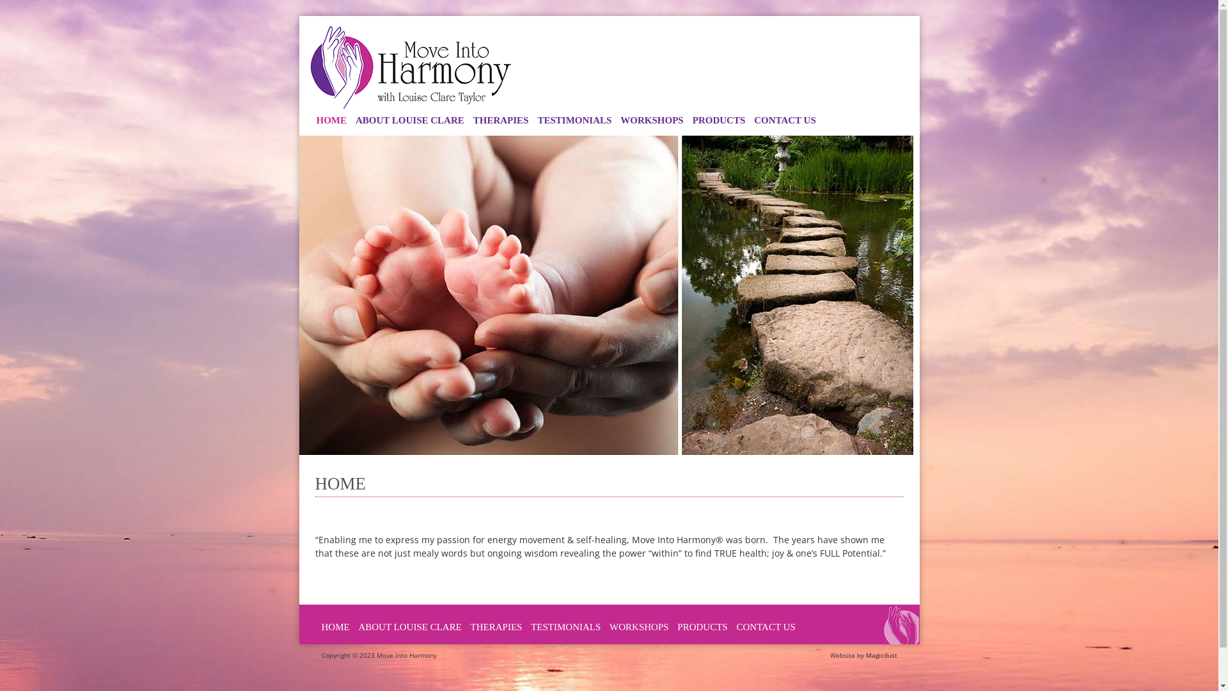  I want to click on 'TESTIMONIALS', so click(565, 626).